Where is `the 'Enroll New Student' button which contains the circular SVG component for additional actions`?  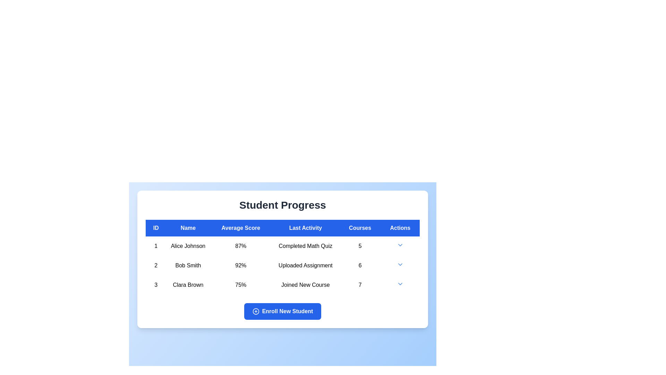
the 'Enroll New Student' button which contains the circular SVG component for additional actions is located at coordinates (255, 311).